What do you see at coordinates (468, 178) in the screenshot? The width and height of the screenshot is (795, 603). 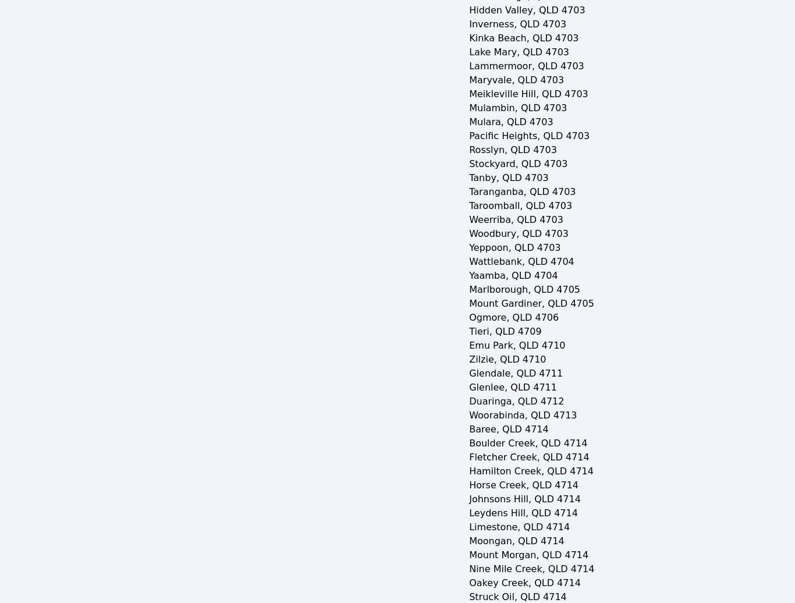 I see `'Tanby, QLD 4703'` at bounding box center [468, 178].